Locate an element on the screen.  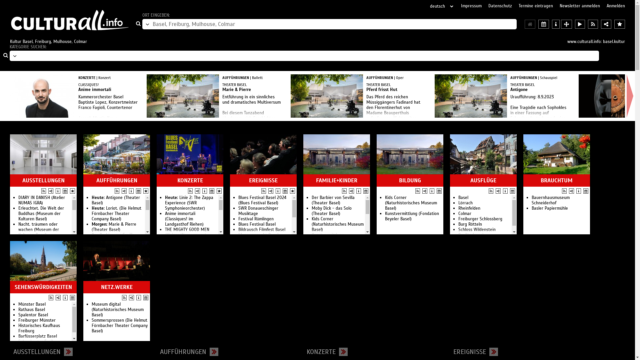
'Videos in Basel, Freiburg, Mulhouse, Colmar' is located at coordinates (579, 24).